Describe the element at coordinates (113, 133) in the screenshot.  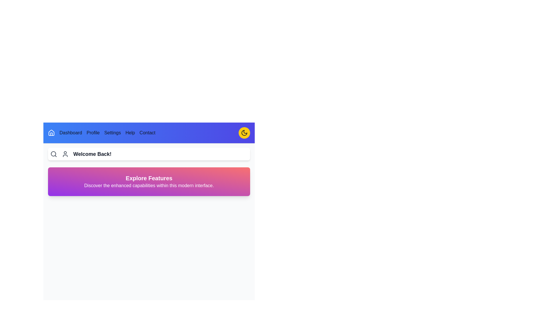
I see `the navigation menu item Settings` at that location.